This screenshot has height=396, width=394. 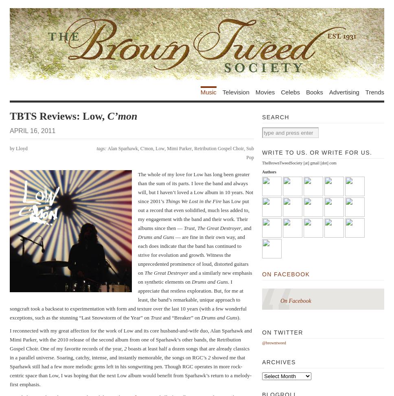 What do you see at coordinates (276, 117) in the screenshot?
I see `'Search'` at bounding box center [276, 117].